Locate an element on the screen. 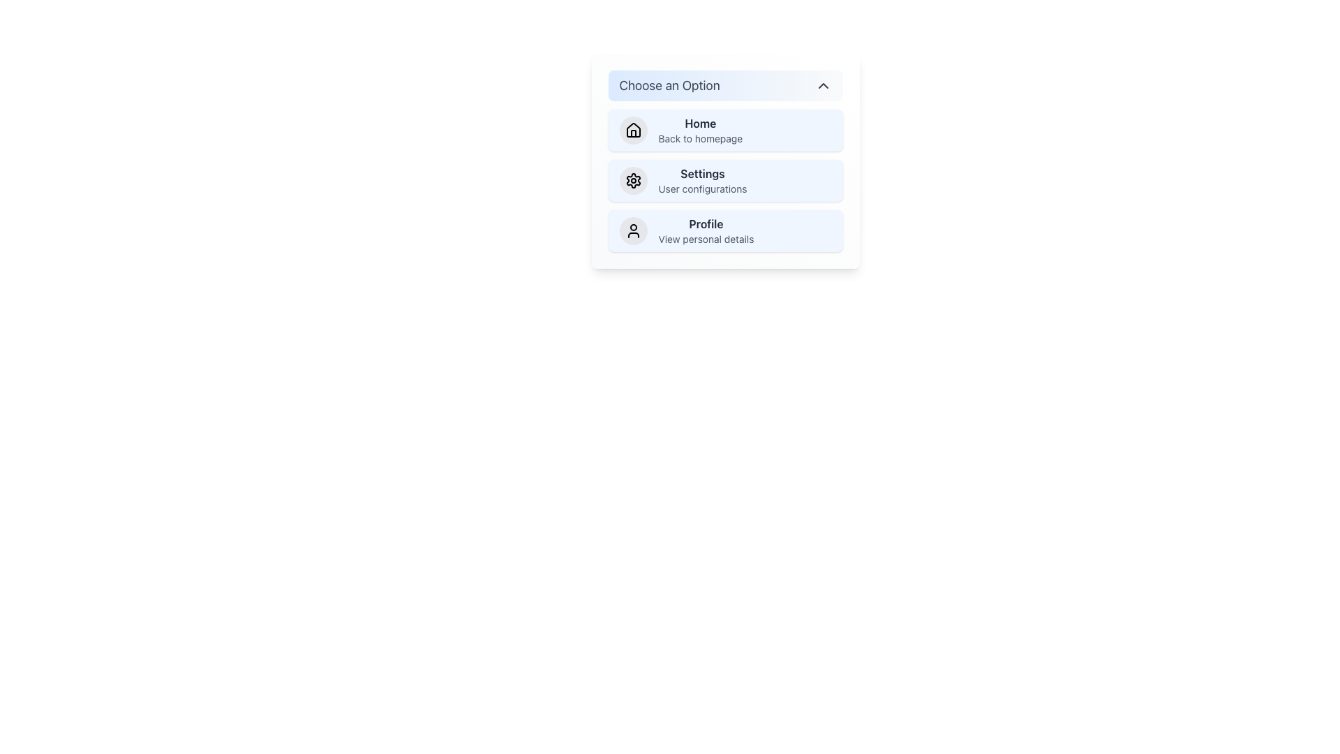 The height and width of the screenshot is (754, 1340). the gear-shaped icon representing settings, located in the 'Settings' section of the menu, to interact with the settings function is located at coordinates (632, 179).